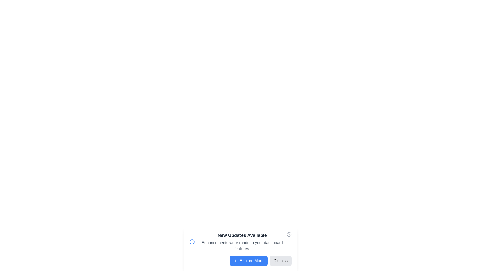 This screenshot has width=481, height=271. I want to click on the informational icon to inspect it, so click(192, 242).